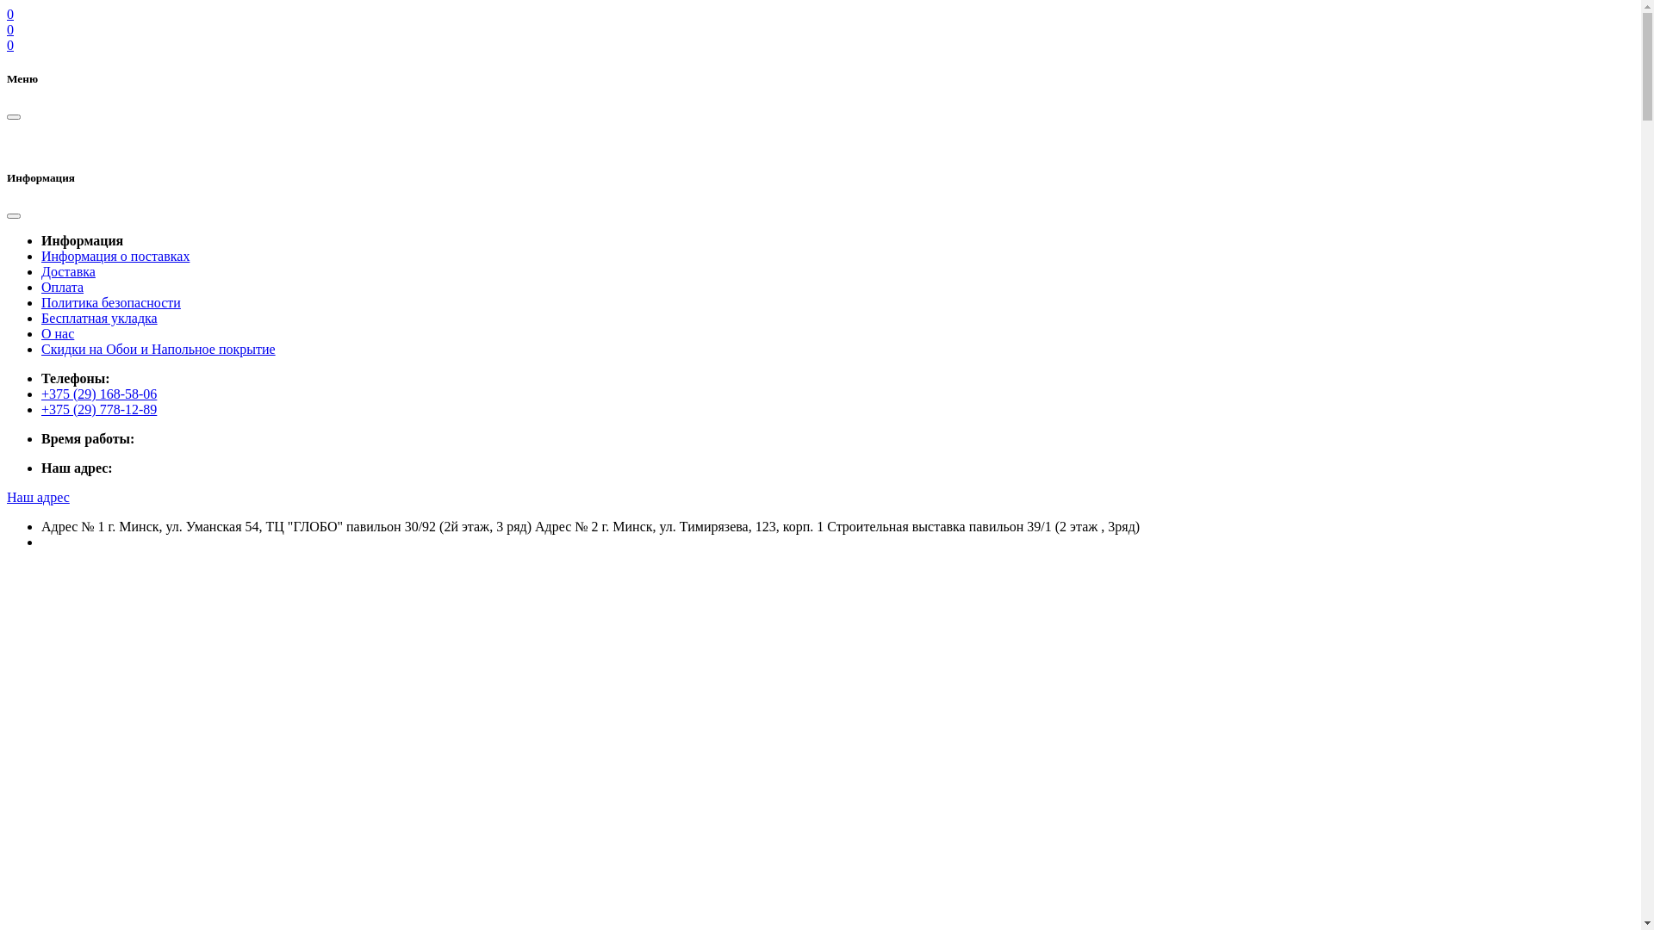 The height and width of the screenshot is (930, 1654). I want to click on '0', so click(10, 29).